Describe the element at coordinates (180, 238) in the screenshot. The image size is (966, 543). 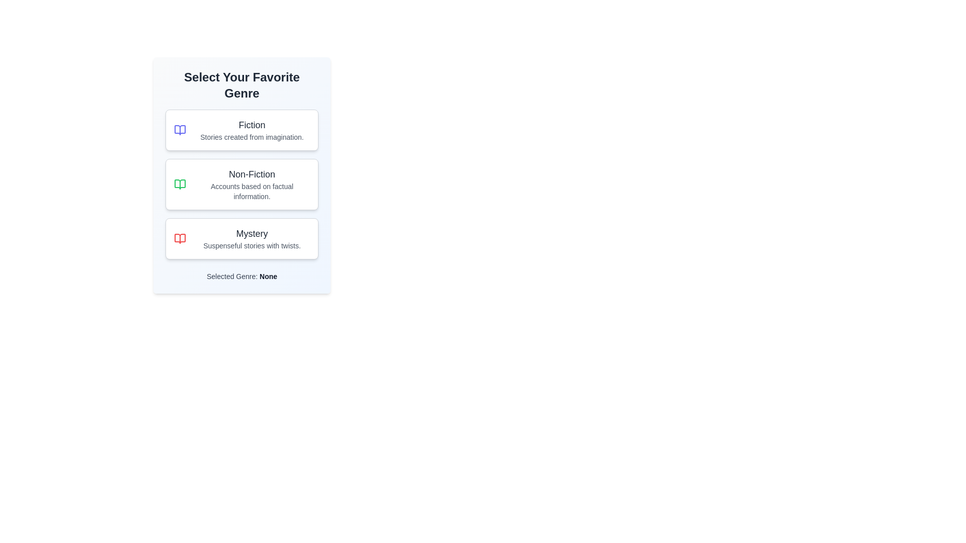
I see `the red open book icon located on the left side of the 'Mystery' button in the vertical menu of options` at that location.